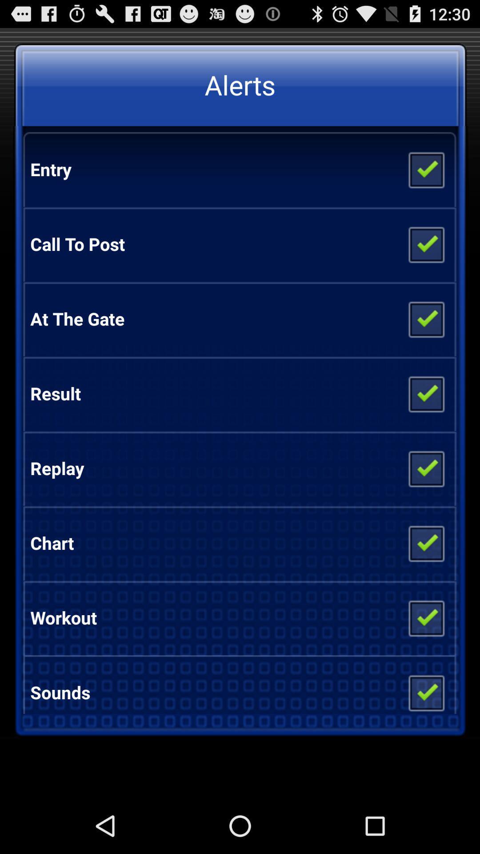  Describe the element at coordinates (425, 318) in the screenshot. I see `turn on alerts at the gate` at that location.